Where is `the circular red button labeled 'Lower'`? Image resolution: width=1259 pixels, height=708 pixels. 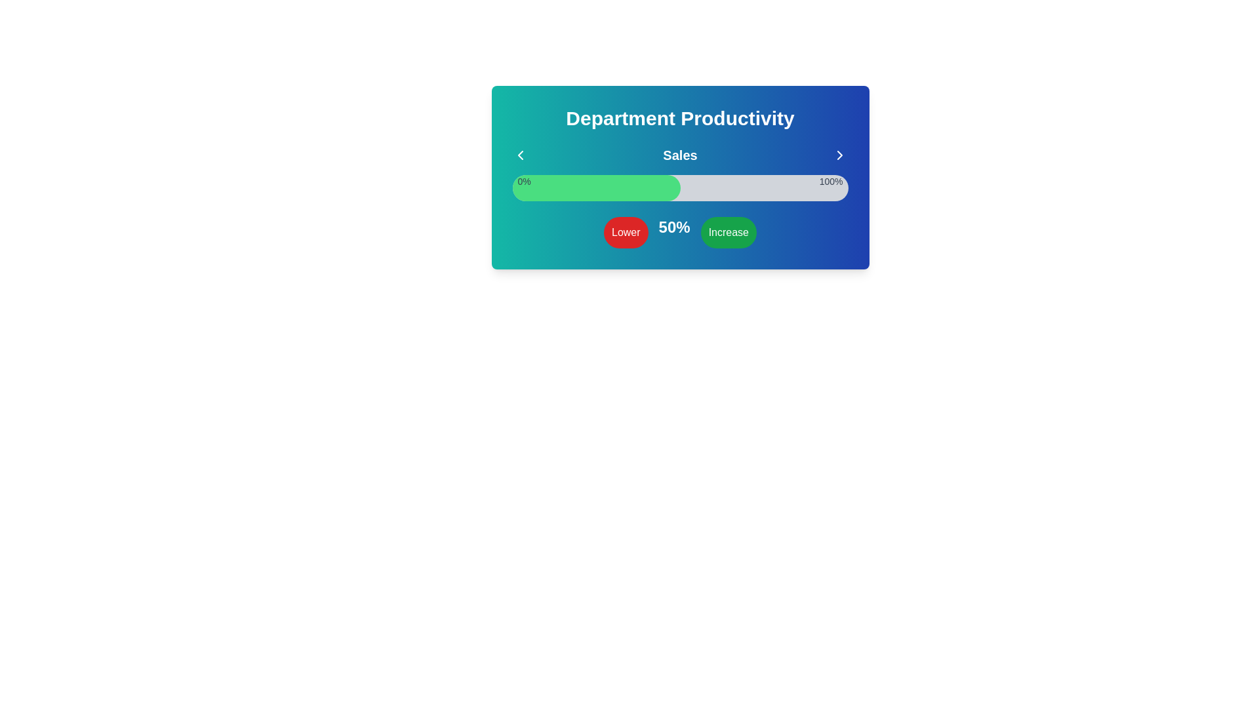
the circular red button labeled 'Lower' is located at coordinates (625, 231).